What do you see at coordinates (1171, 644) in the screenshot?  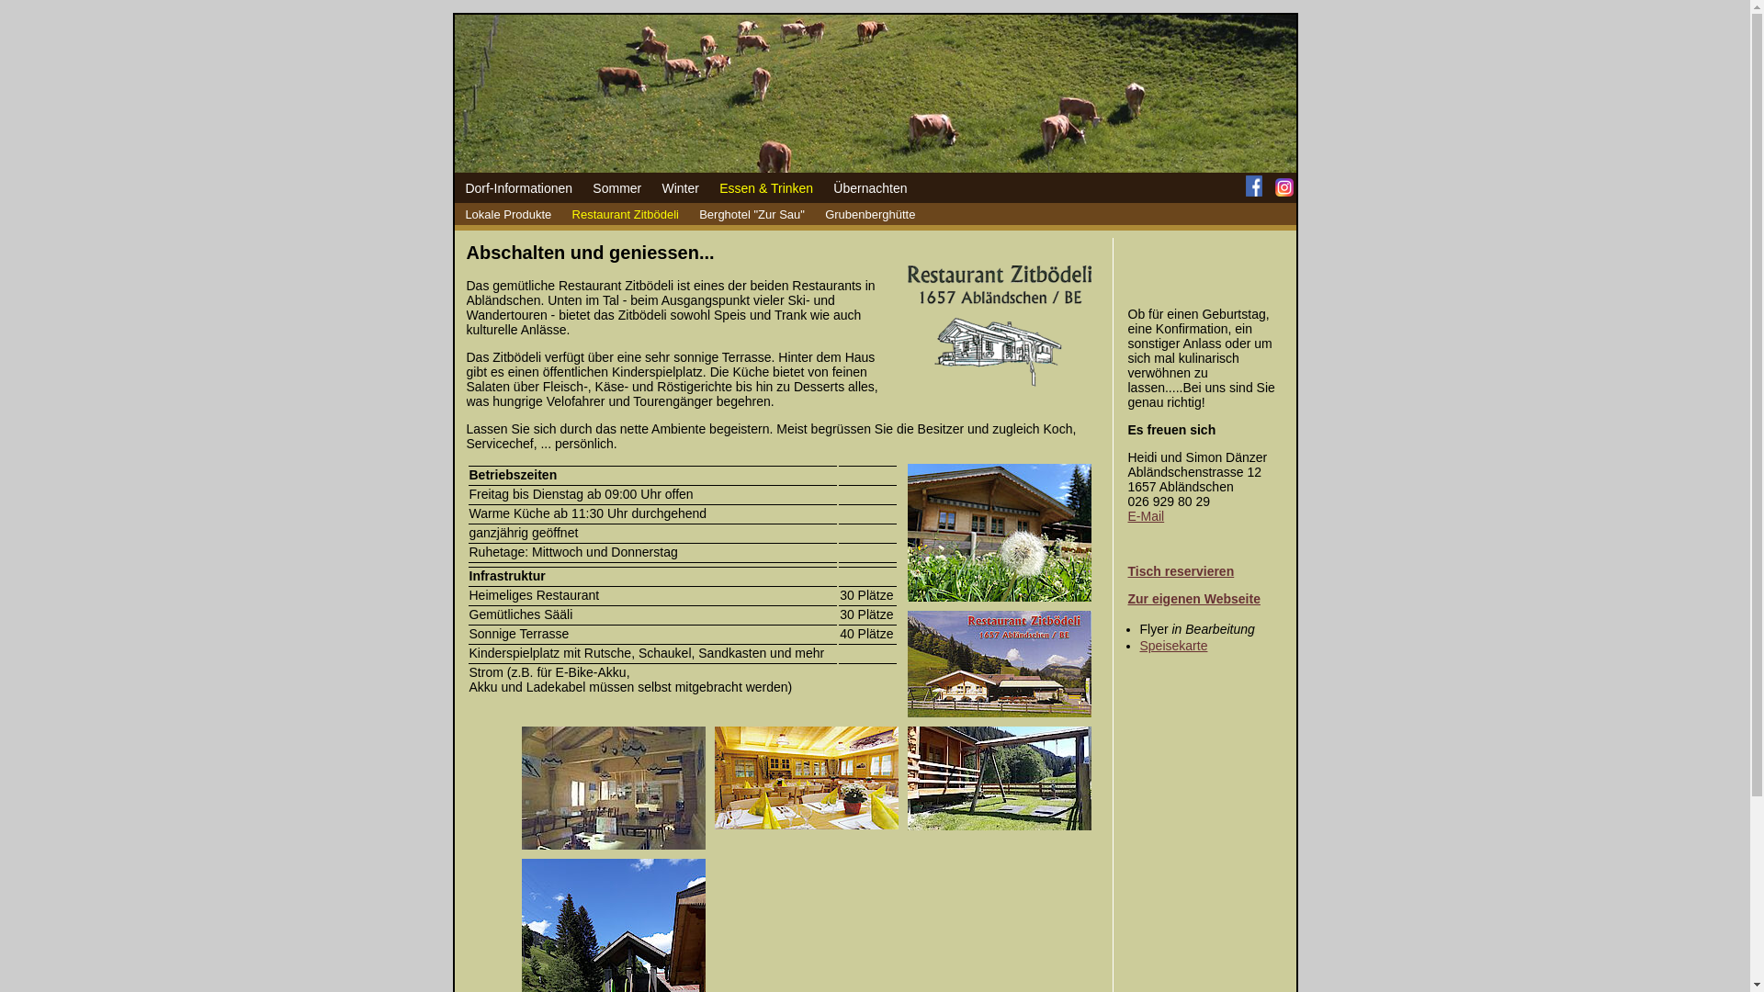 I see `'Speisekarte'` at bounding box center [1171, 644].